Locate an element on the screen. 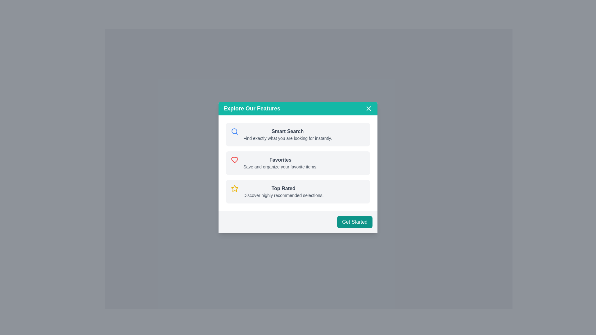 Image resolution: width=596 pixels, height=335 pixels. the small 'X' icon styled as a close button located at the top-right corner of the teal-colored modal header is located at coordinates (369, 108).